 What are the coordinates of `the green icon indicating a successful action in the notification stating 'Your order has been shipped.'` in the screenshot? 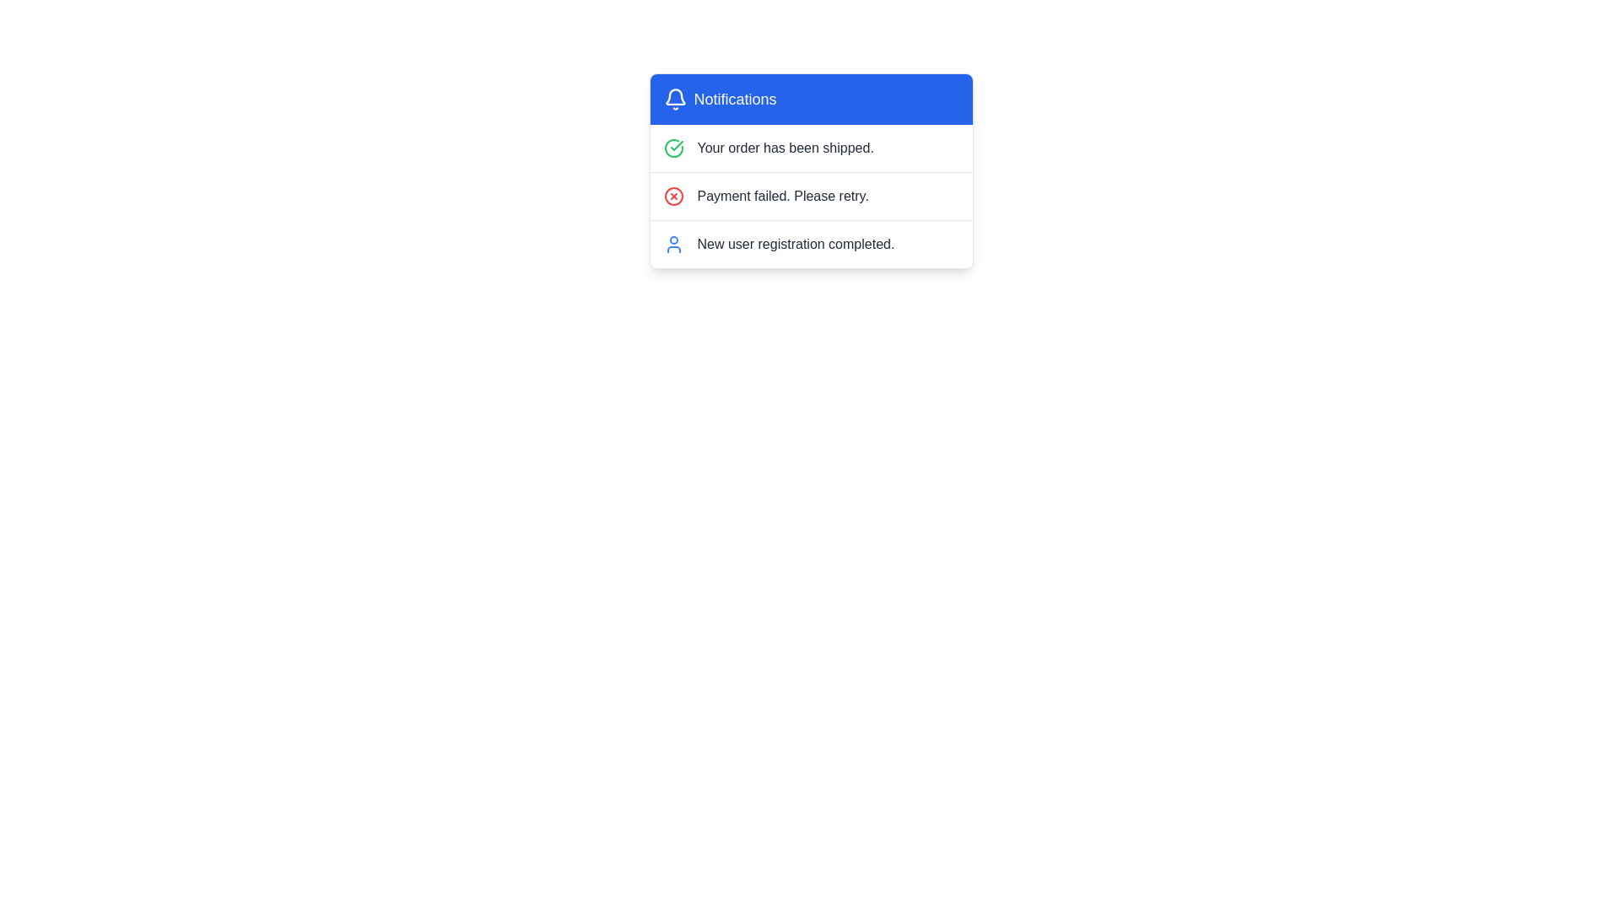 It's located at (676, 145).